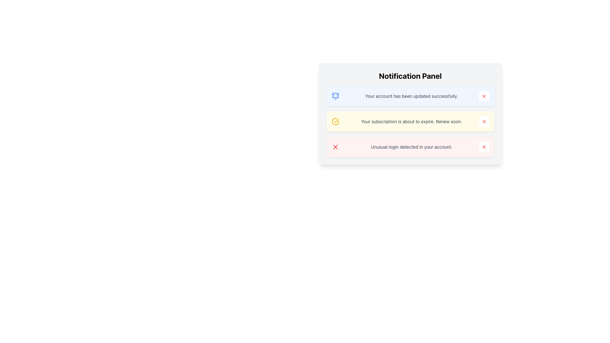 The height and width of the screenshot is (343, 610). Describe the element at coordinates (411, 121) in the screenshot. I see `the informational text element that notifies the user about their subscription expiration, located in the second notification box with a light yellow background` at that location.